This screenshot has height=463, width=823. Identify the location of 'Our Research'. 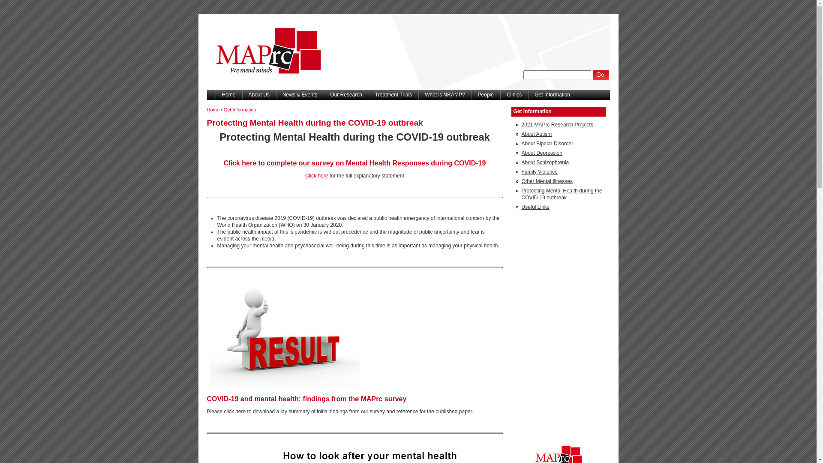
(346, 95).